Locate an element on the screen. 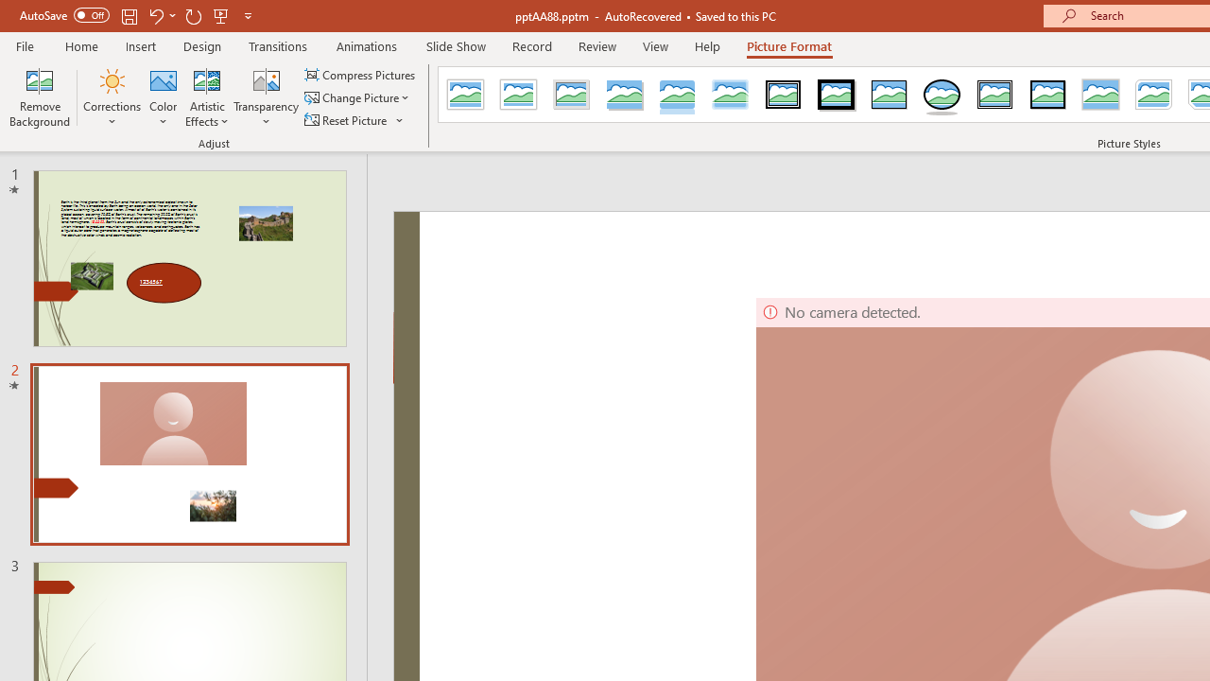 The image size is (1210, 681). 'Reset Picture' is located at coordinates (347, 120).